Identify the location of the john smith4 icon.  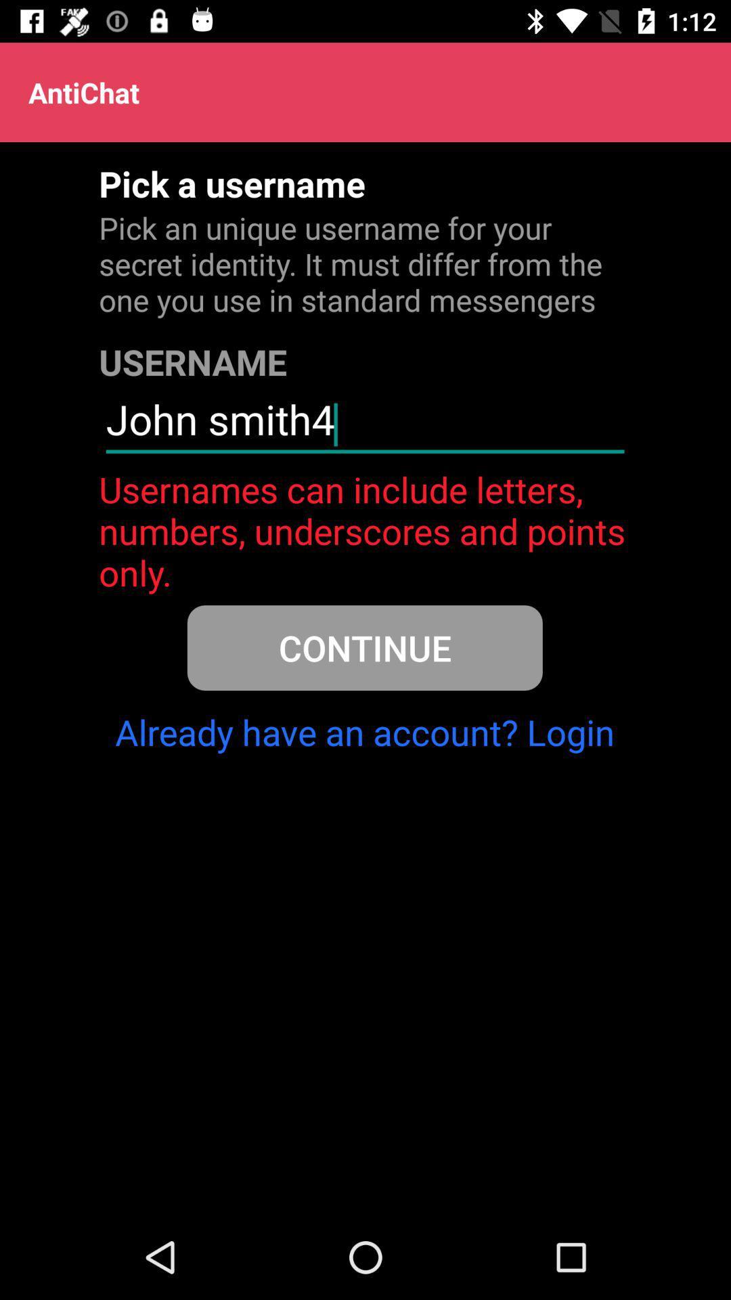
(364, 425).